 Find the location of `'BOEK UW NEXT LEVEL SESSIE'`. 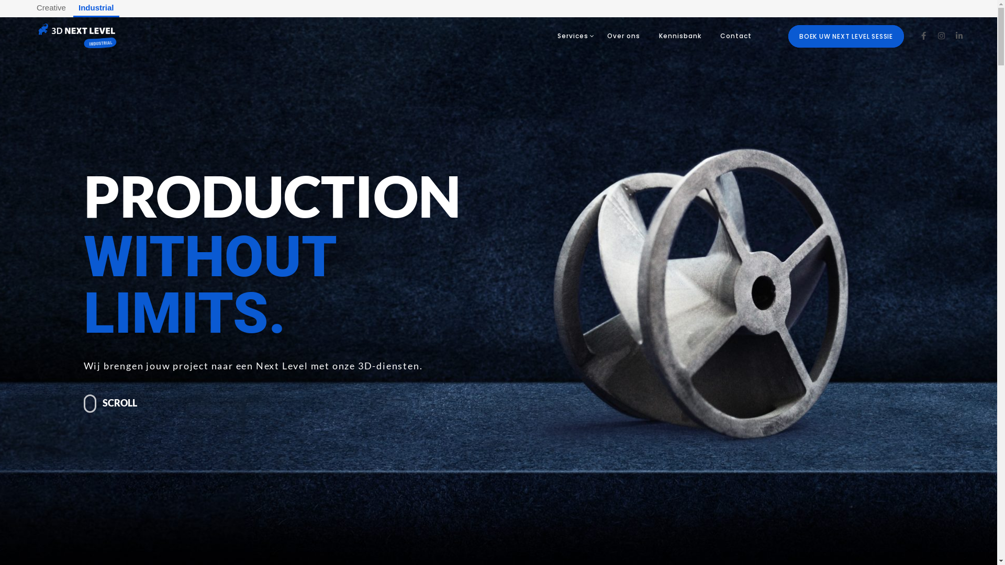

'BOEK UW NEXT LEVEL SESSIE' is located at coordinates (846, 36).